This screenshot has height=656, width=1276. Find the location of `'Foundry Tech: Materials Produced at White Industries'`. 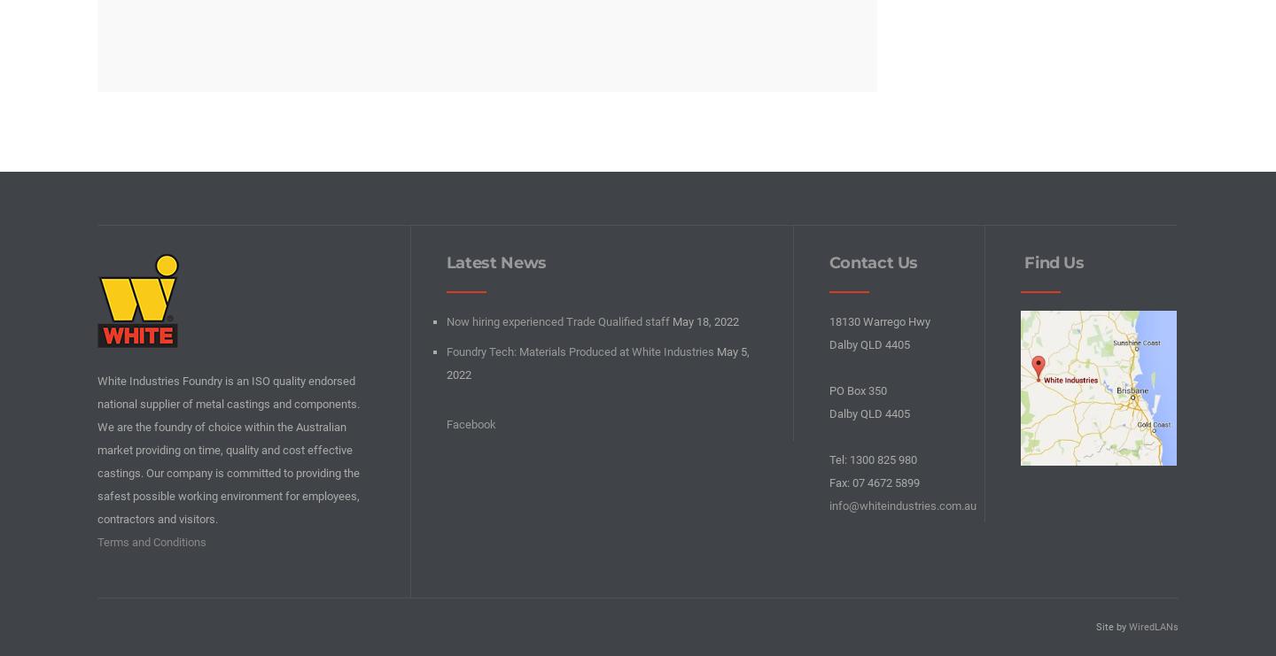

'Foundry Tech: Materials Produced at White Industries' is located at coordinates (444, 351).